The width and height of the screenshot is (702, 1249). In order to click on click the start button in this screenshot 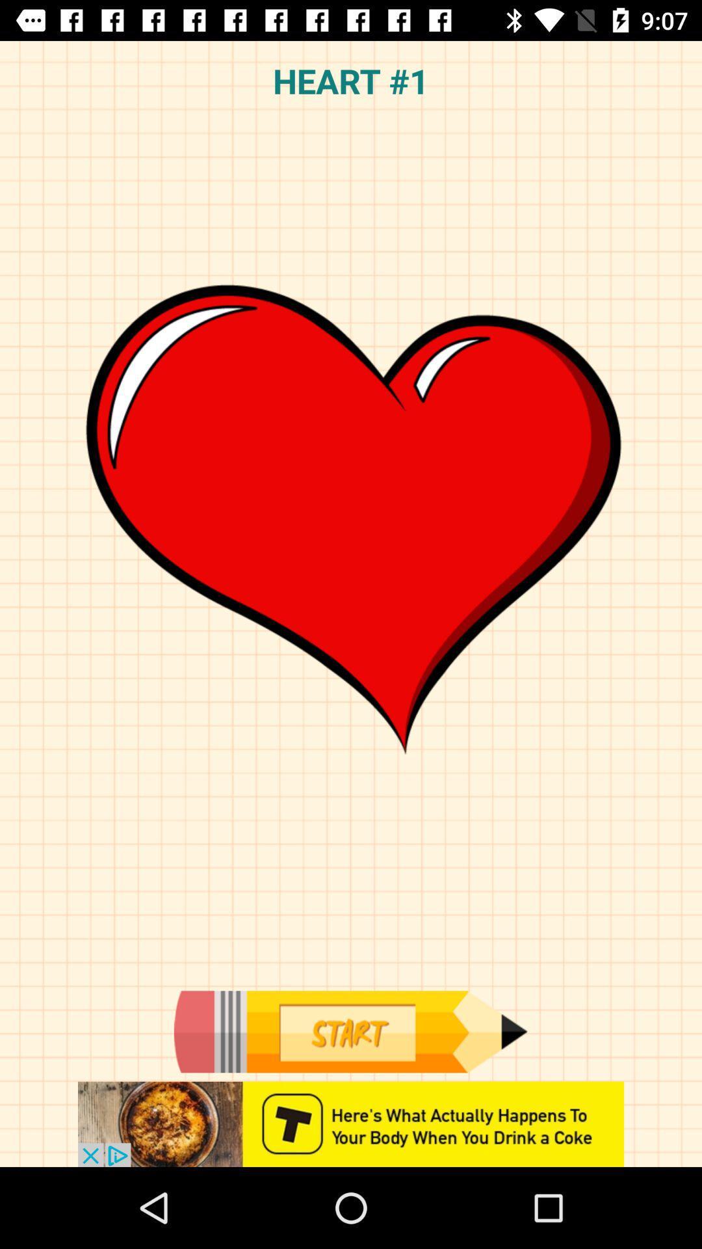, I will do `click(350, 1031)`.